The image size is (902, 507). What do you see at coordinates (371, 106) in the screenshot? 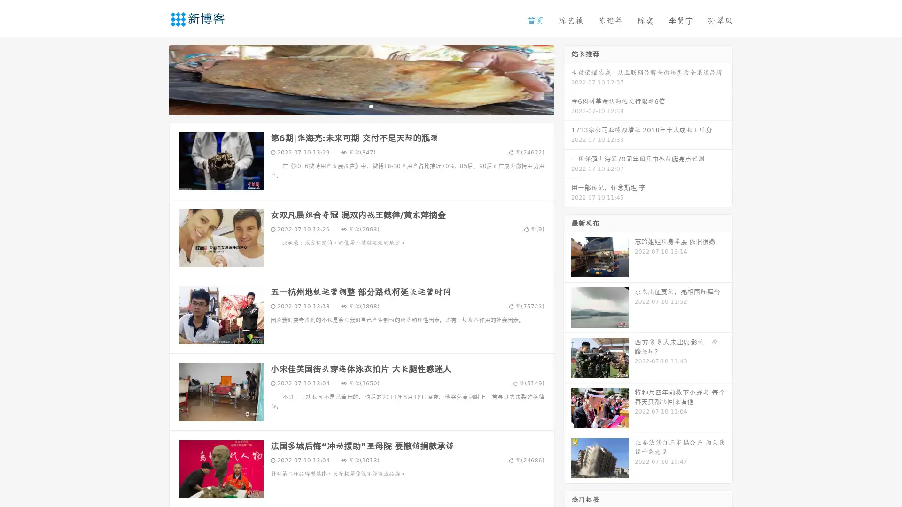
I see `Go to slide 3` at bounding box center [371, 106].